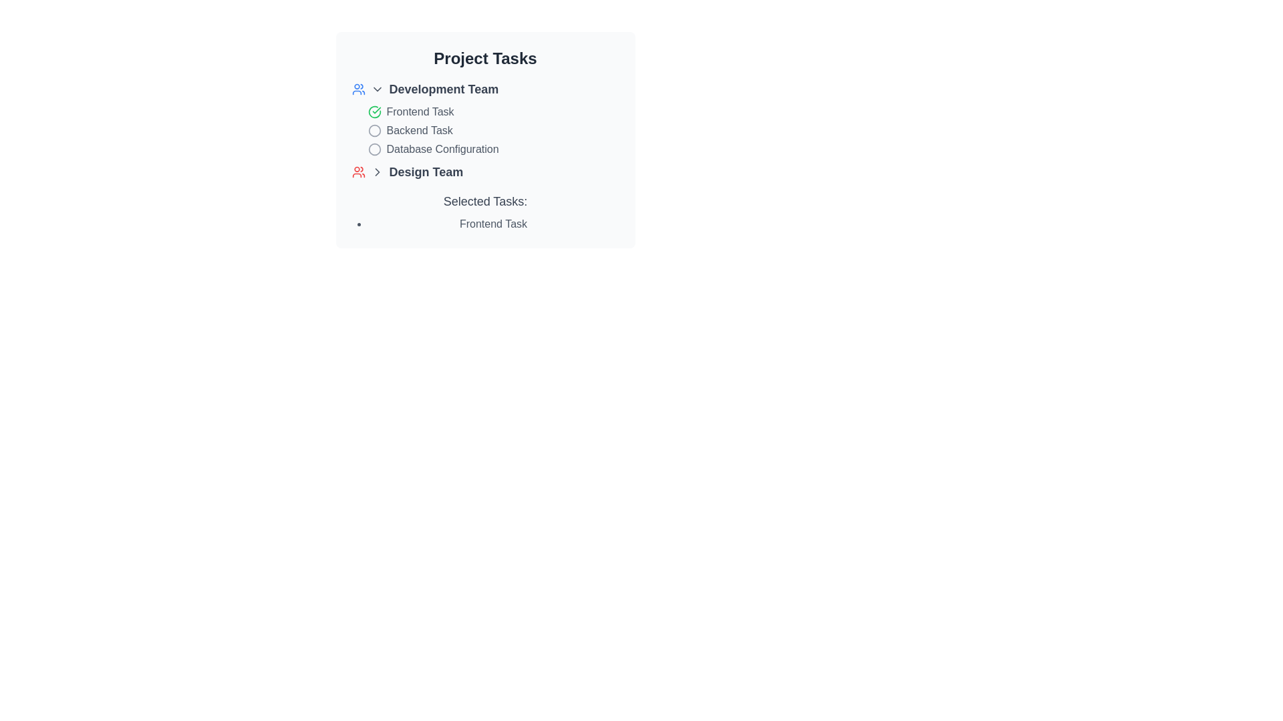  What do you see at coordinates (374, 149) in the screenshot?
I see `the status indicator circle for the 'Database Configuration' task, which is the first visual component under the 'Development Team' heading` at bounding box center [374, 149].